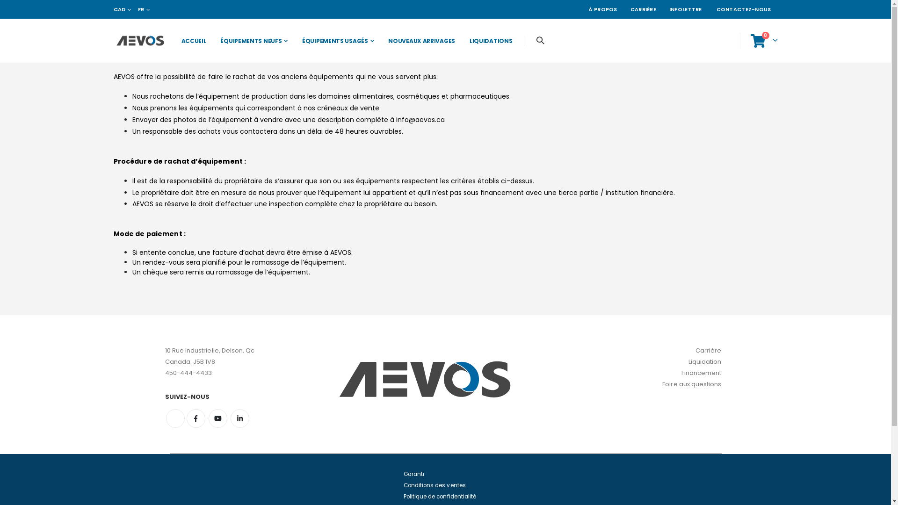 This screenshot has width=898, height=505. What do you see at coordinates (662, 9) in the screenshot?
I see `'INFOLETTRE'` at bounding box center [662, 9].